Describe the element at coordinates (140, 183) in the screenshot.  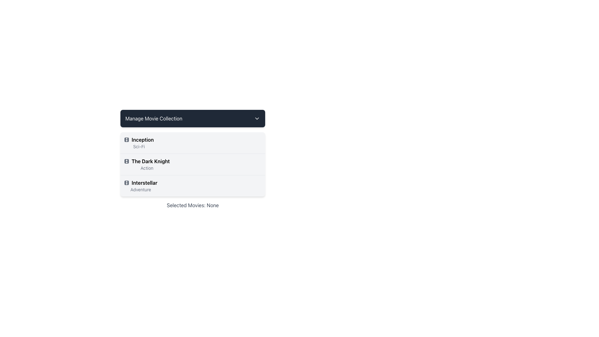
I see `contents of the text label displaying the movie title 'Interstellar' located in the third row of the movie collection list` at that location.